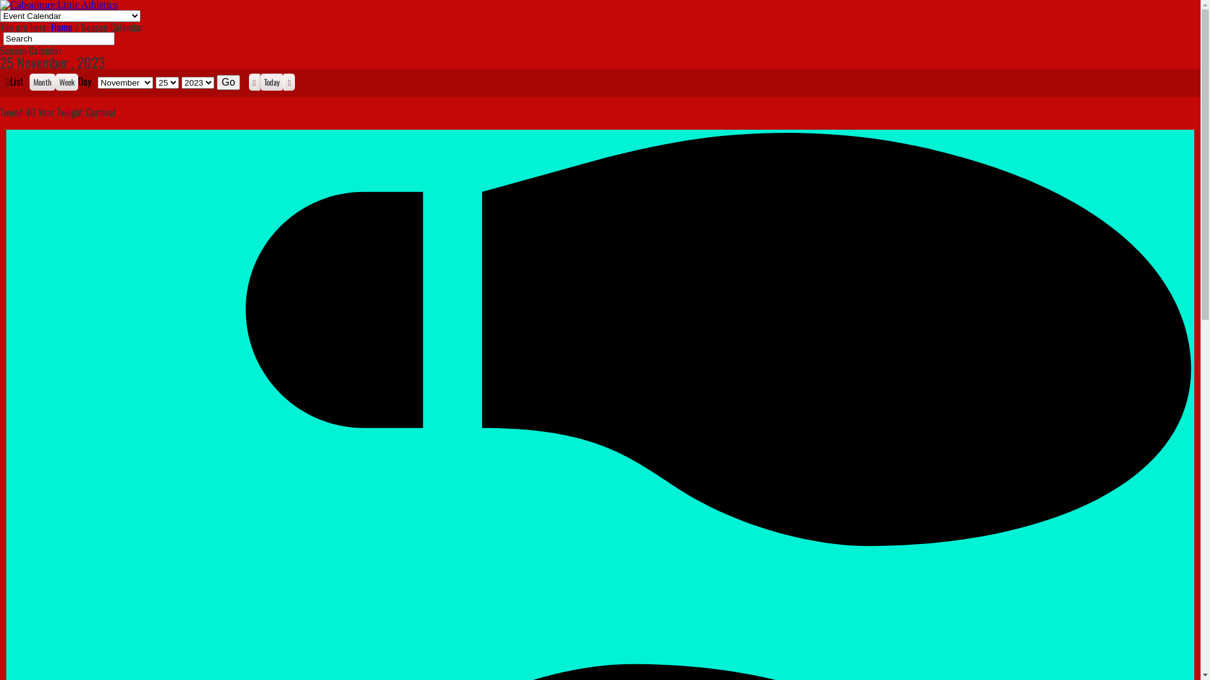 The width and height of the screenshot is (1210, 680). I want to click on 'Go', so click(228, 82).